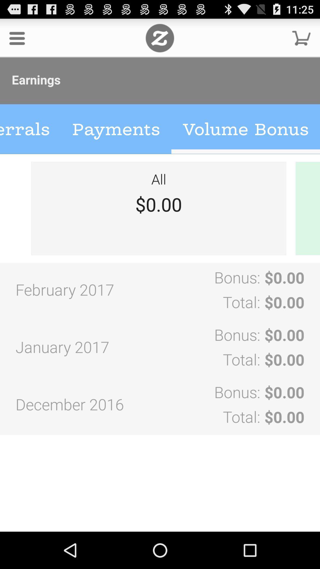 The height and width of the screenshot is (569, 320). What do you see at coordinates (159, 38) in the screenshot?
I see `visit homepage` at bounding box center [159, 38].